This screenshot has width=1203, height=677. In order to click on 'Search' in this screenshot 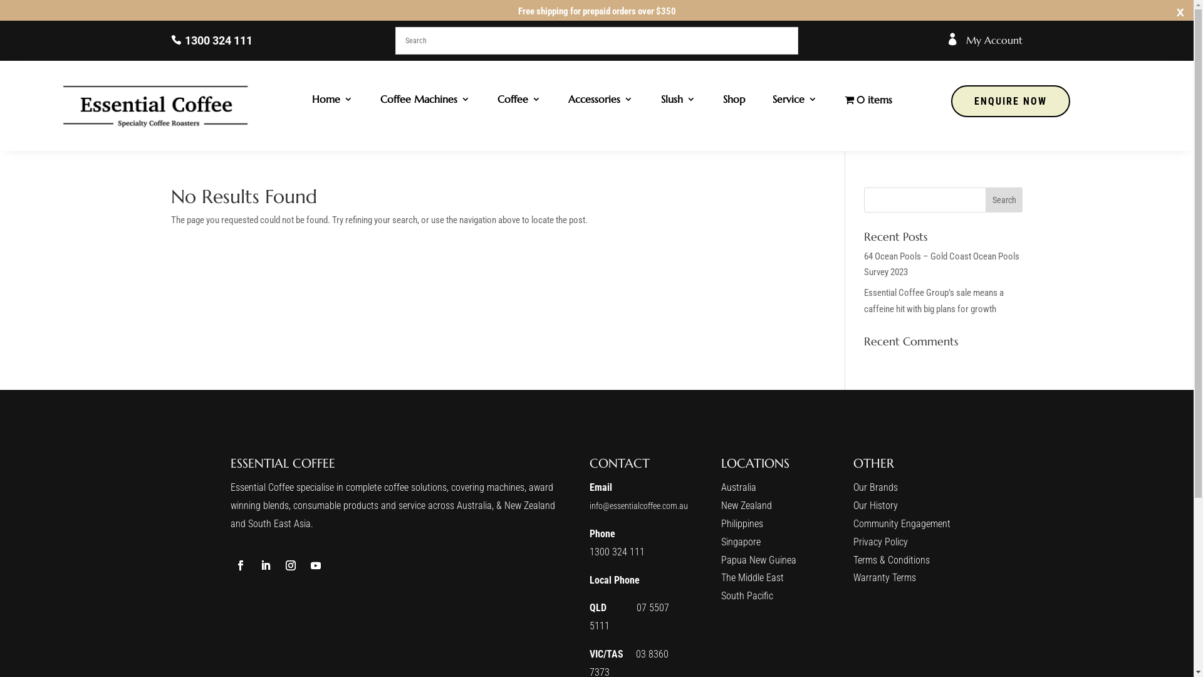, I will do `click(1004, 199)`.